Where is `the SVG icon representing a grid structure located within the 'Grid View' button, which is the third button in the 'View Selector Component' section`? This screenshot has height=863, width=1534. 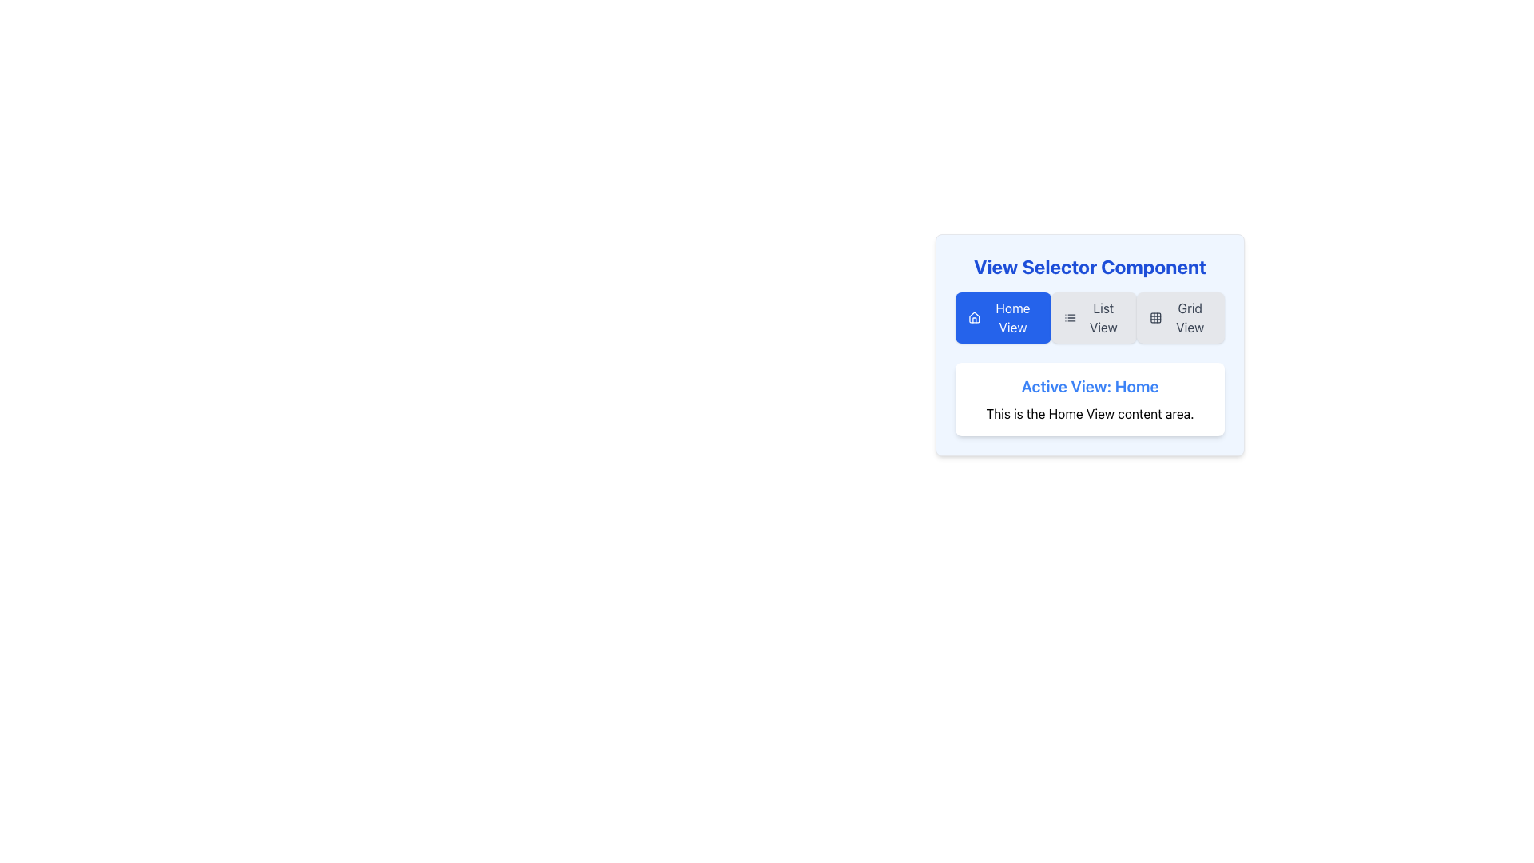
the SVG icon representing a grid structure located within the 'Grid View' button, which is the third button in the 'View Selector Component' section is located at coordinates (1155, 317).